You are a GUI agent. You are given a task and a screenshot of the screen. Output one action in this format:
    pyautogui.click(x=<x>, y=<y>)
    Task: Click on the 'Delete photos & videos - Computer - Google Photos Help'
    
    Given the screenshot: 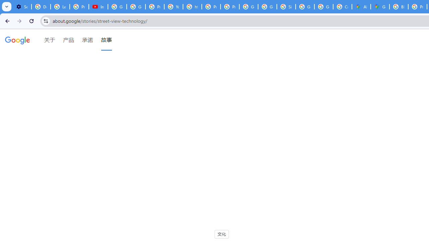 What is the action you would take?
    pyautogui.click(x=41, y=7)
    